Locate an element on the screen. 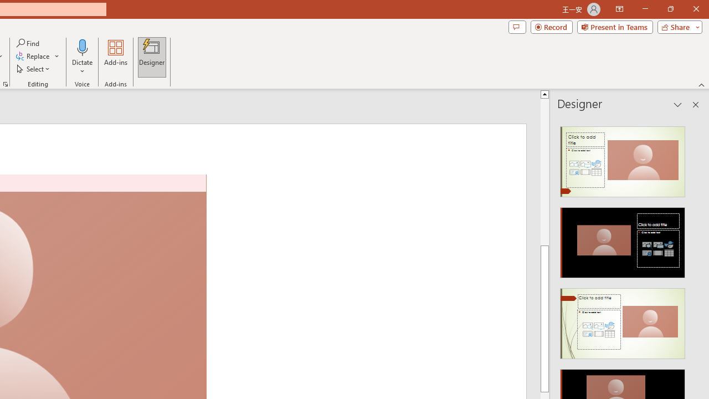  'Dictate' is located at coordinates (82, 47).